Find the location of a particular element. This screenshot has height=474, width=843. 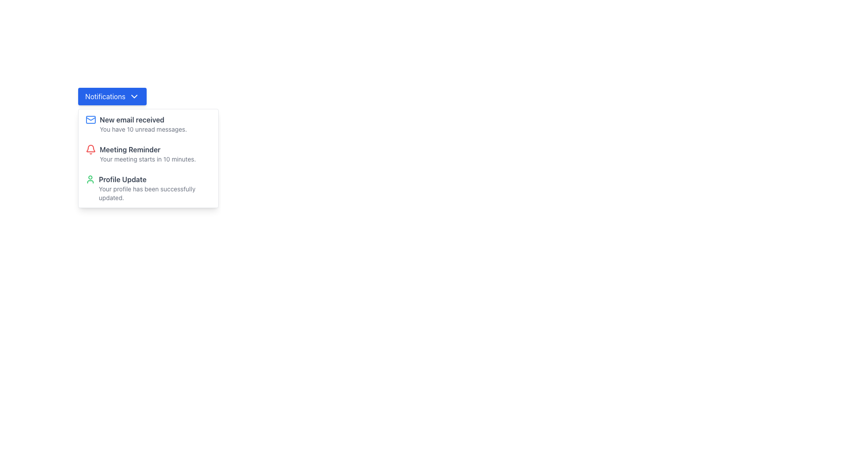

confirmation message displayed as feedback for a successful profile update, located in the notification dropdown panel below the text 'Profile Update' is located at coordinates (155, 193).